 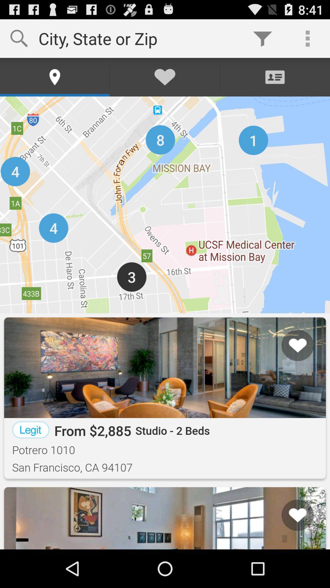 I want to click on the item above the potrero 1010 item, so click(x=31, y=429).